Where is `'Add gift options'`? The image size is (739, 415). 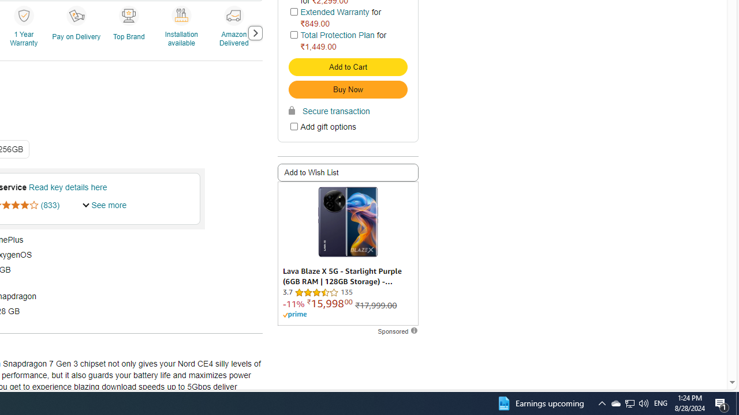 'Add gift options' is located at coordinates (293, 126).